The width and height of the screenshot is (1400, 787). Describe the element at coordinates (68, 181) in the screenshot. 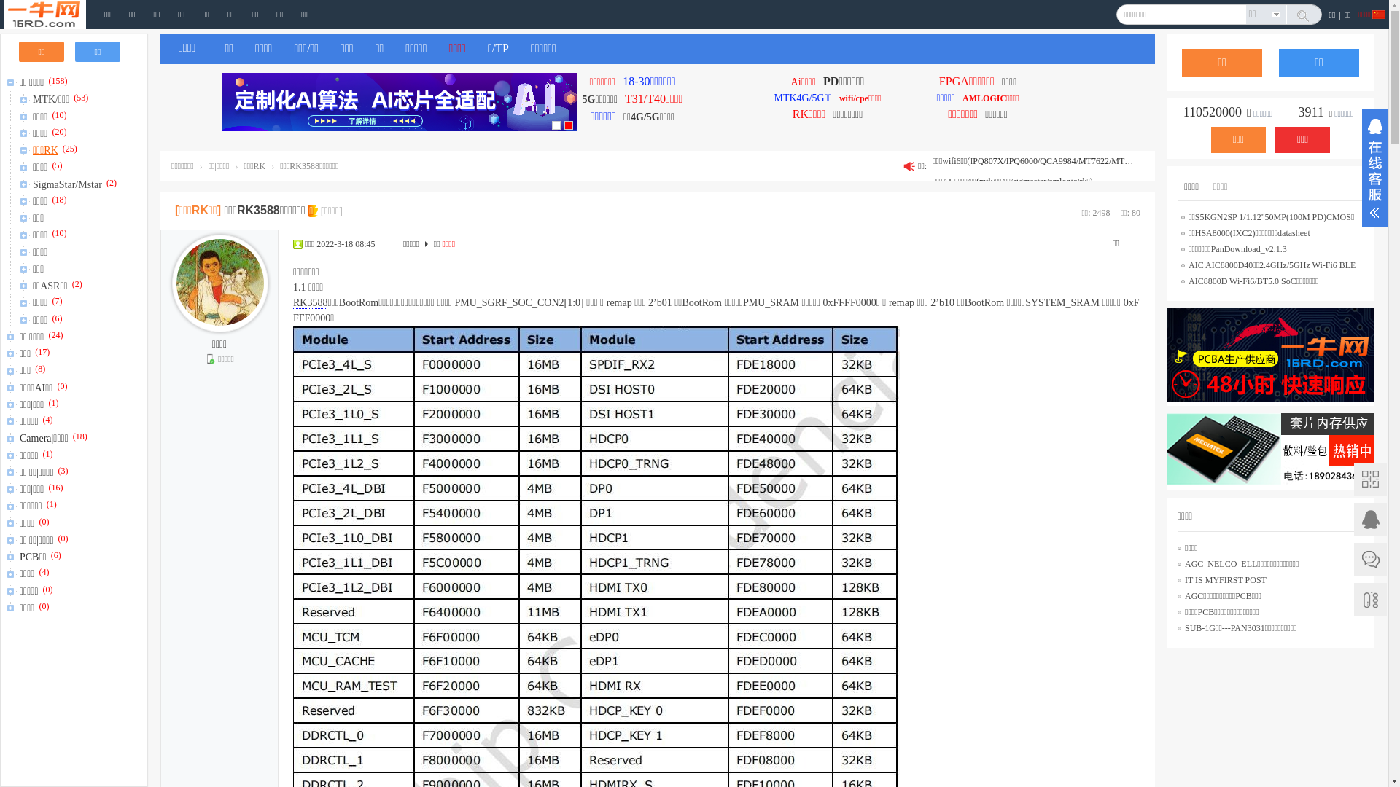

I see `'SigmaStar/Mstar'` at that location.